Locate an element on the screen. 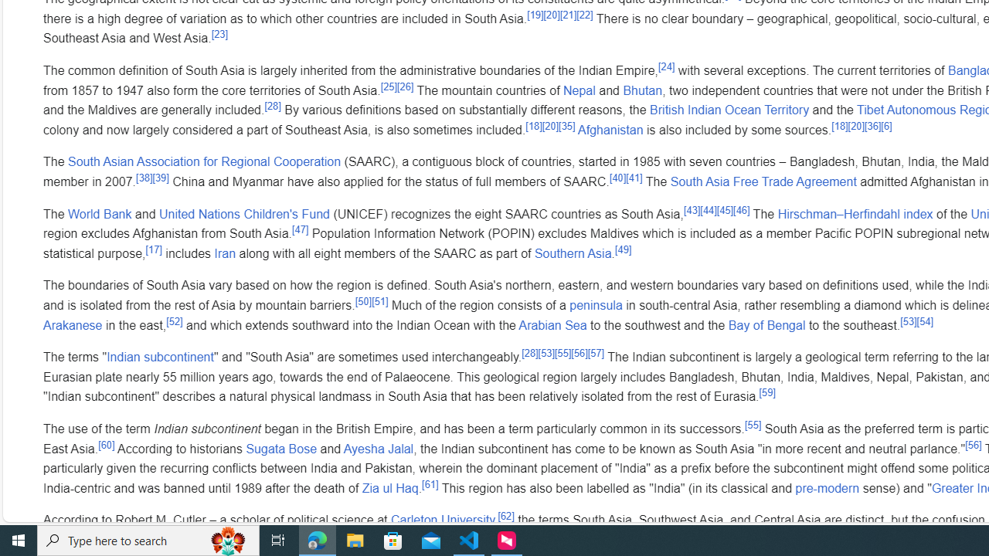  '[26]' is located at coordinates (406, 86).